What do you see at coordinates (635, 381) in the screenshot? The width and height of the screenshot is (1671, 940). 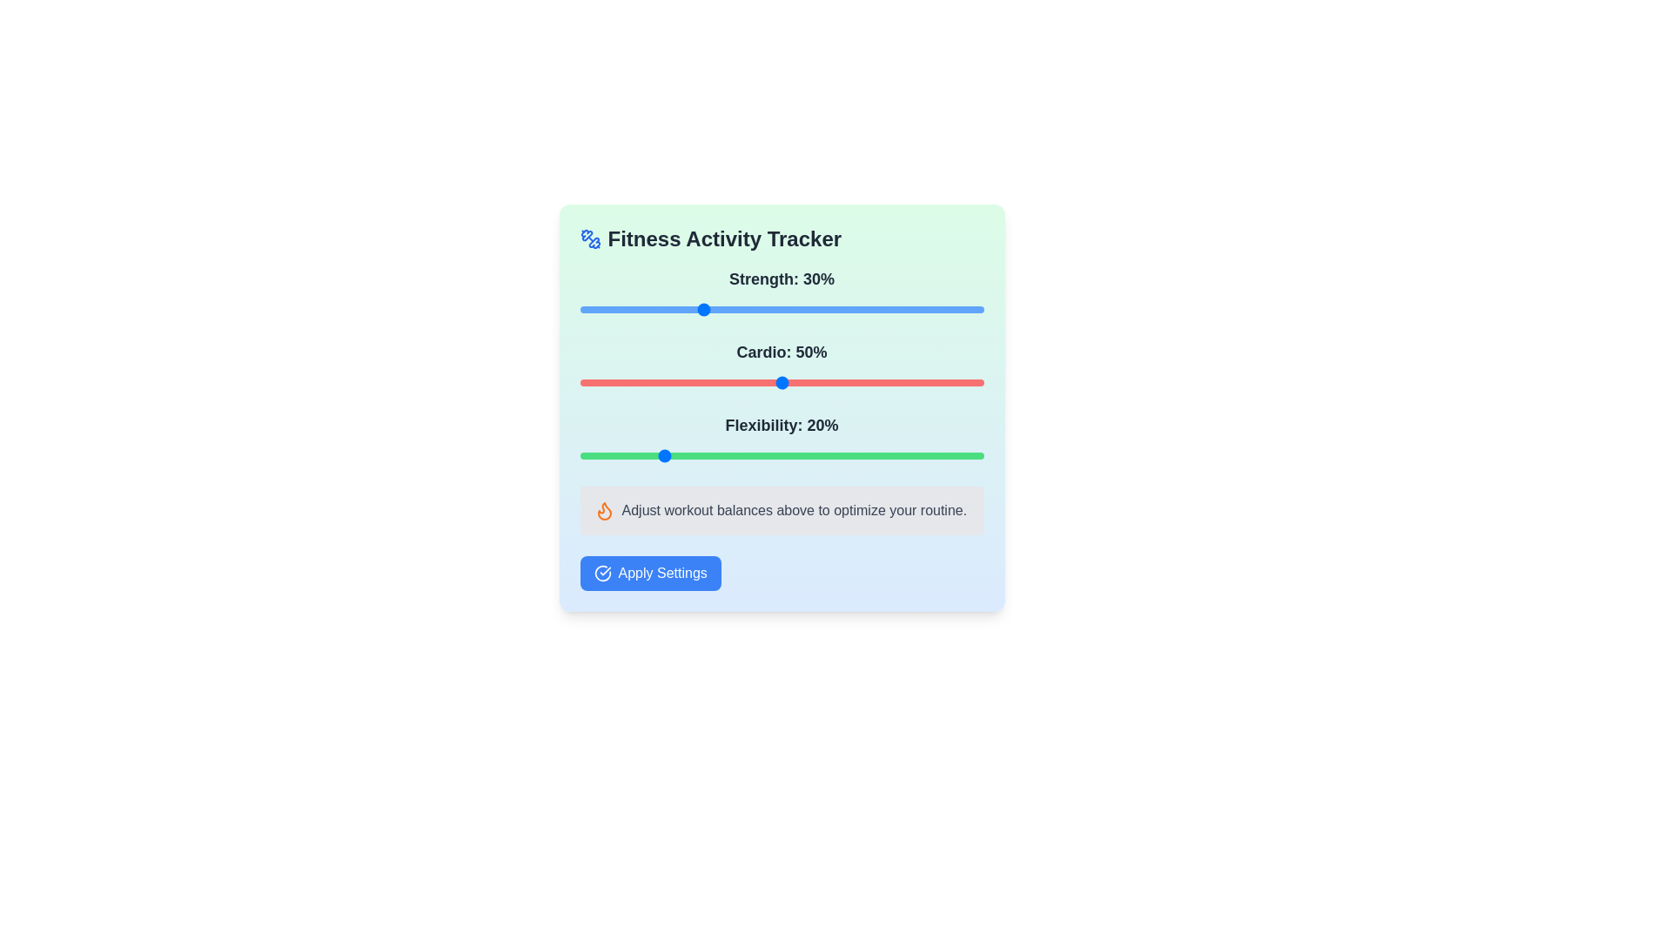 I see `cardio level` at bounding box center [635, 381].